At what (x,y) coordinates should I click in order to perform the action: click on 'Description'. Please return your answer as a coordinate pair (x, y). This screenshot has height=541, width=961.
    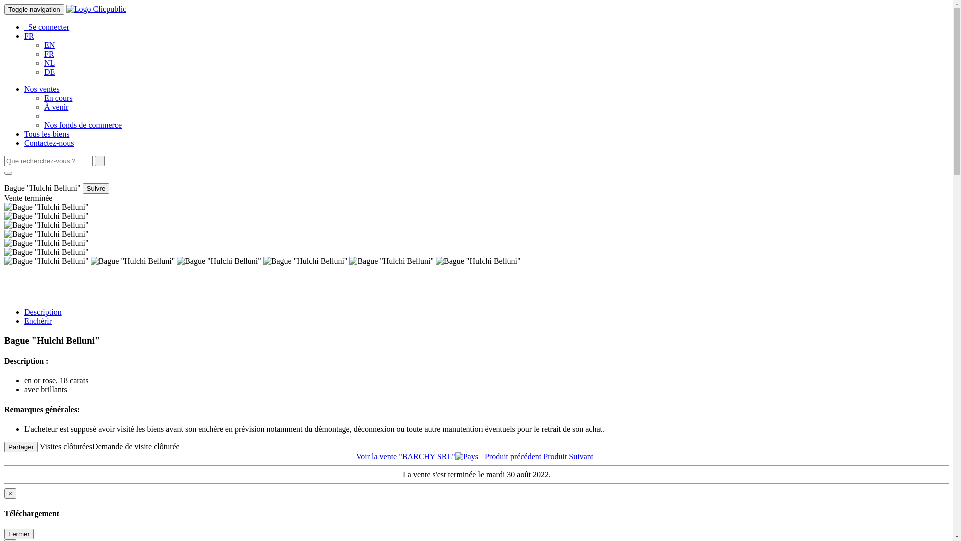
    Looking at the image, I should click on (42, 311).